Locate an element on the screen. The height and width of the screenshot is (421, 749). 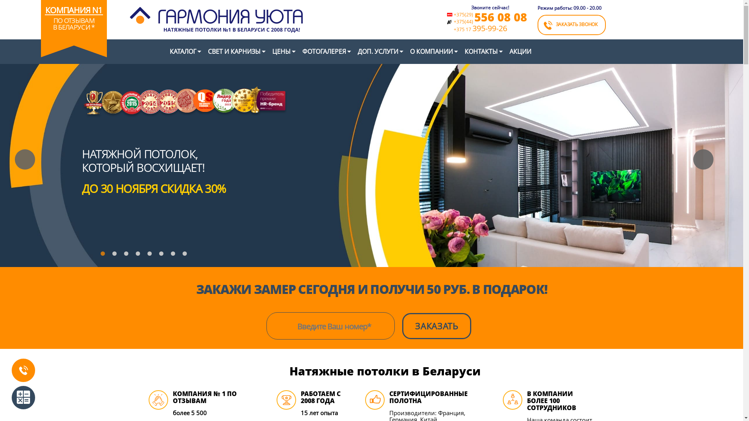
'8' is located at coordinates (186, 255).